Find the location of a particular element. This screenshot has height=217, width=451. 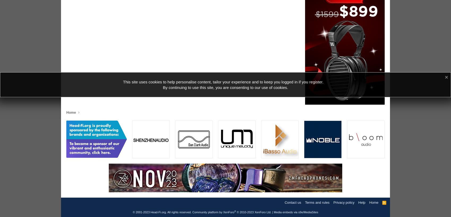

'Terms and rules' is located at coordinates (317, 202).